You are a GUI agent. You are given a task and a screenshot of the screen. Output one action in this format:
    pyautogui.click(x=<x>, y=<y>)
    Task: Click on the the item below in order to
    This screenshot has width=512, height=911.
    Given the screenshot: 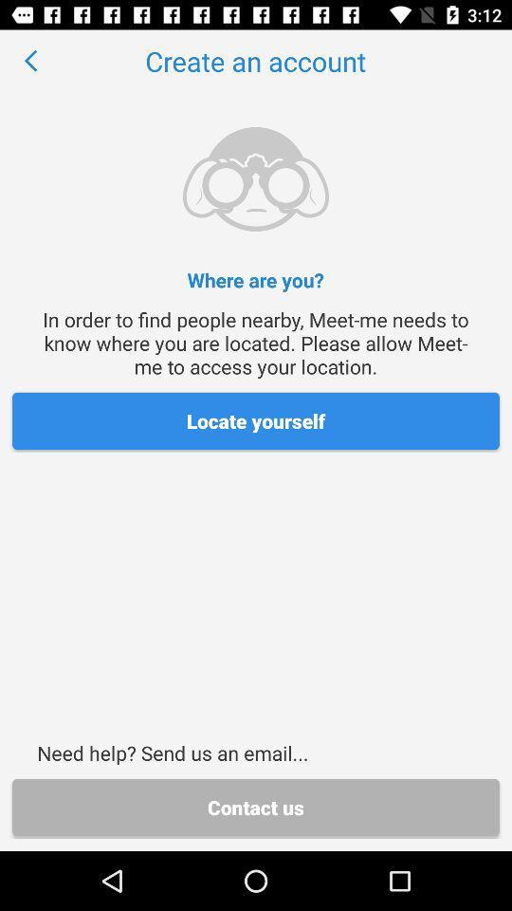 What is the action you would take?
    pyautogui.click(x=256, y=420)
    